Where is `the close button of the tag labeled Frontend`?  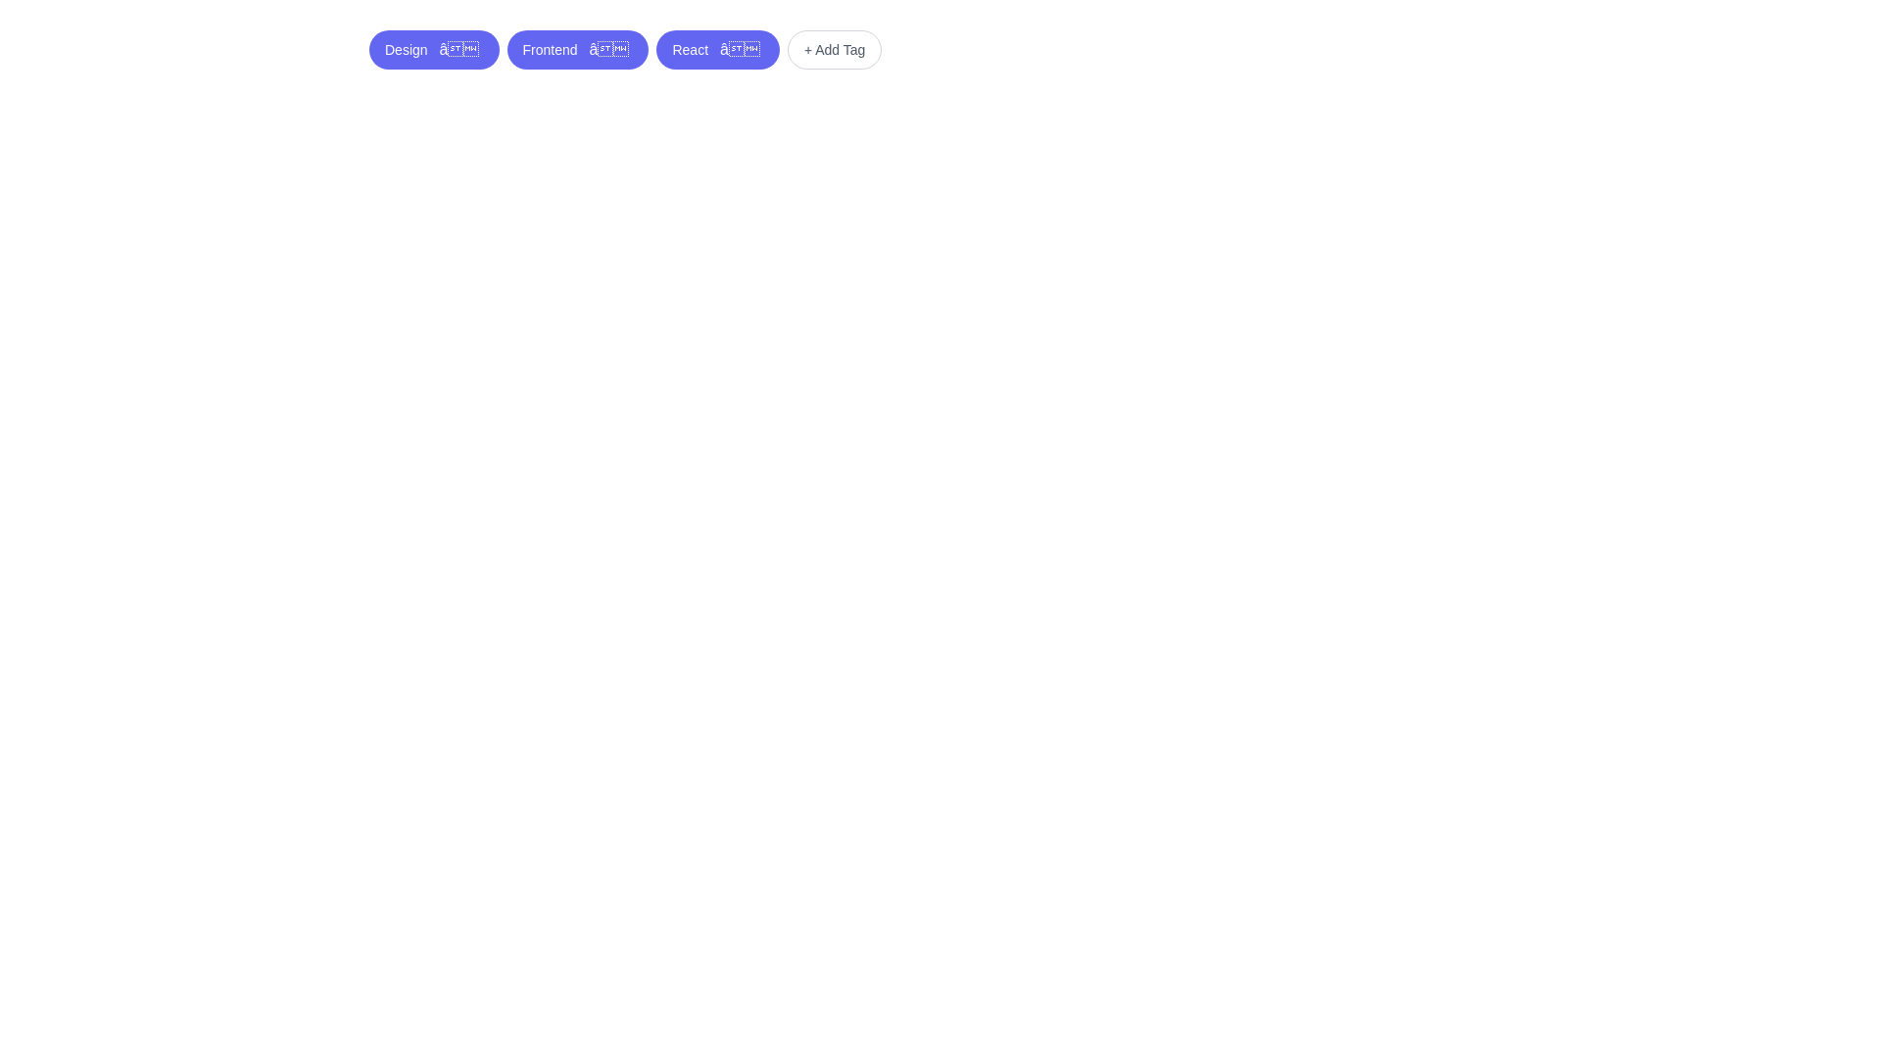
the close button of the tag labeled Frontend is located at coordinates (608, 48).